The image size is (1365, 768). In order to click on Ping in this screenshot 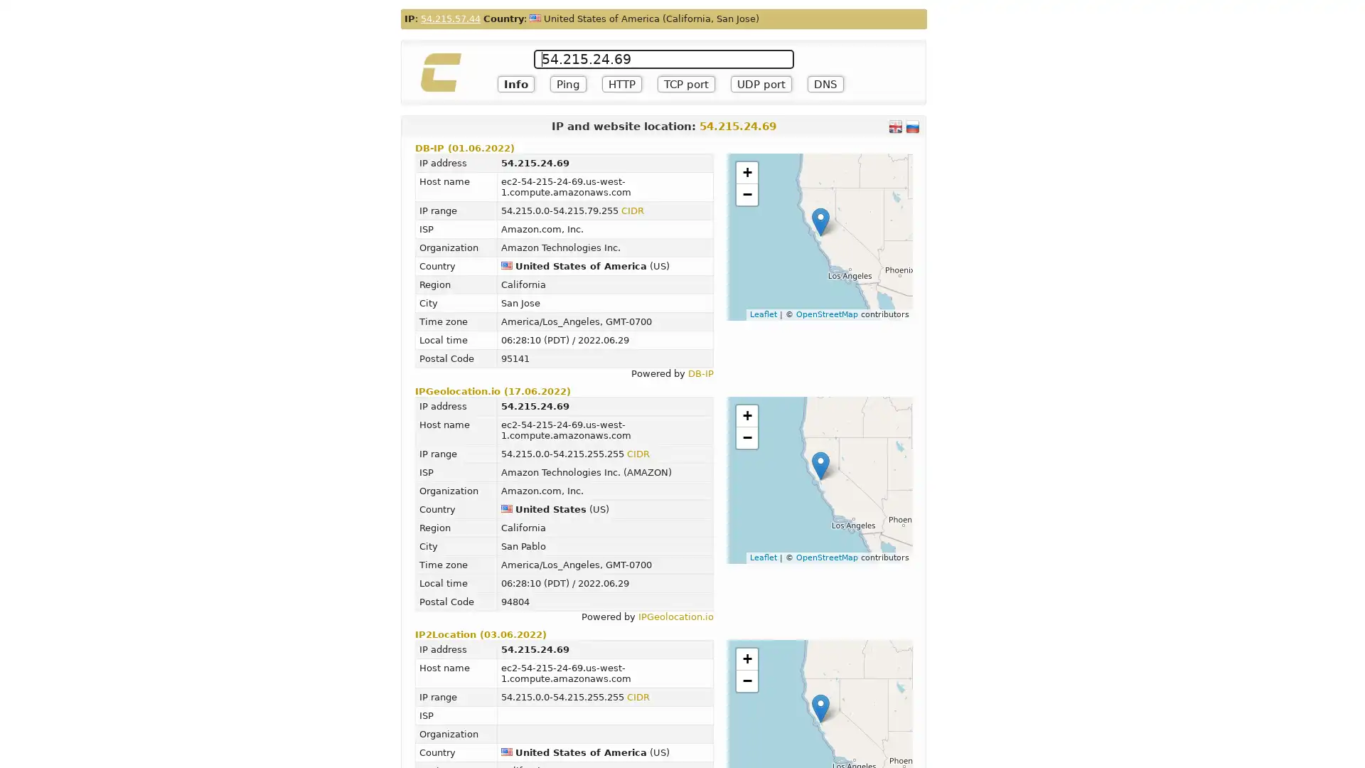, I will do `click(567, 84)`.